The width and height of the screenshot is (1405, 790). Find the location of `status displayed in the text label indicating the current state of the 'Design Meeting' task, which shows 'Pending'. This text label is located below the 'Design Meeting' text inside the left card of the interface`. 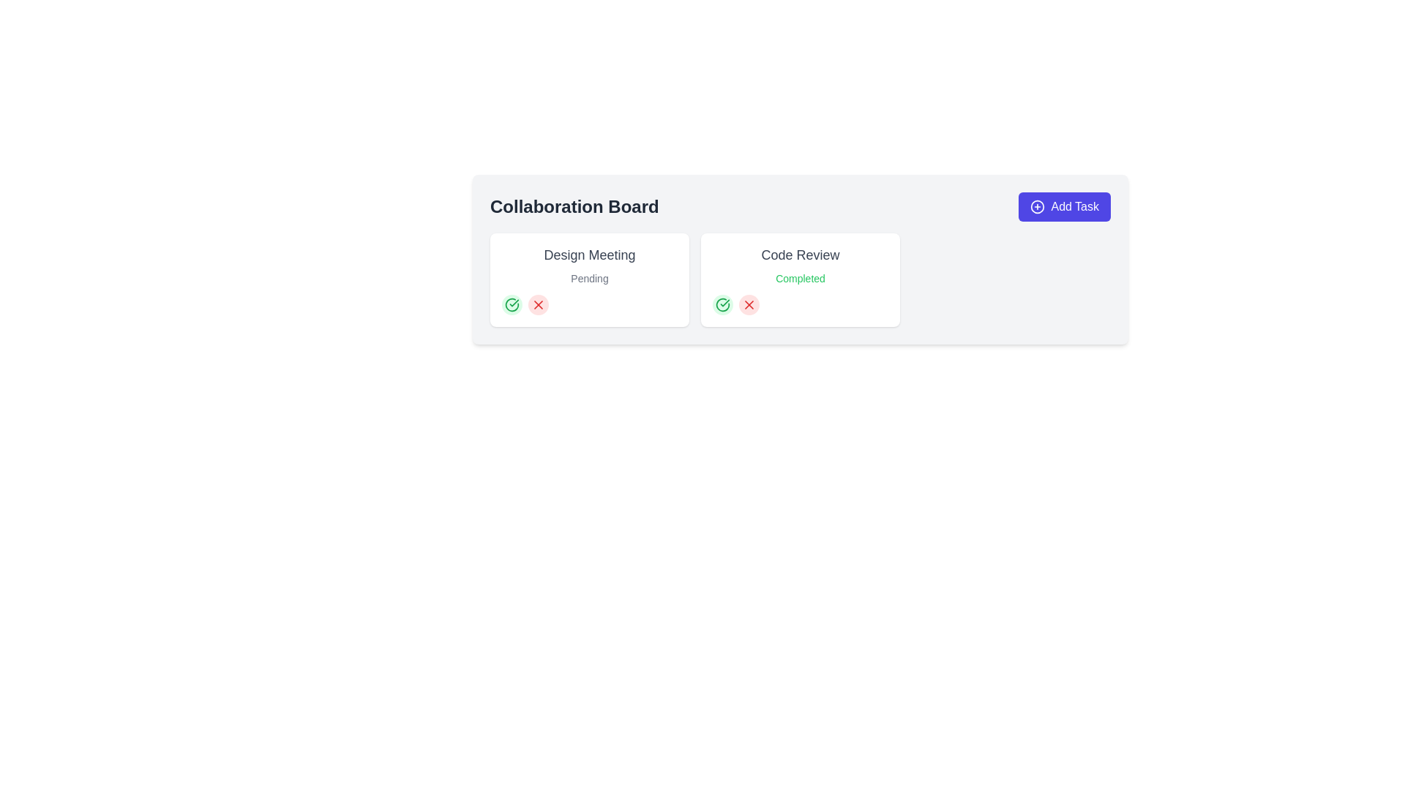

status displayed in the text label indicating the current state of the 'Design Meeting' task, which shows 'Pending'. This text label is located below the 'Design Meeting' text inside the left card of the interface is located at coordinates (590, 279).